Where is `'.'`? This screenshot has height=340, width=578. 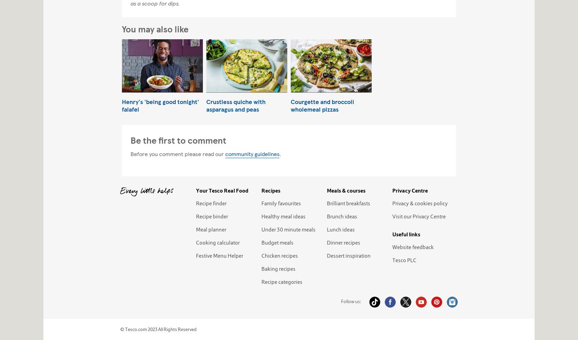 '.' is located at coordinates (280, 153).